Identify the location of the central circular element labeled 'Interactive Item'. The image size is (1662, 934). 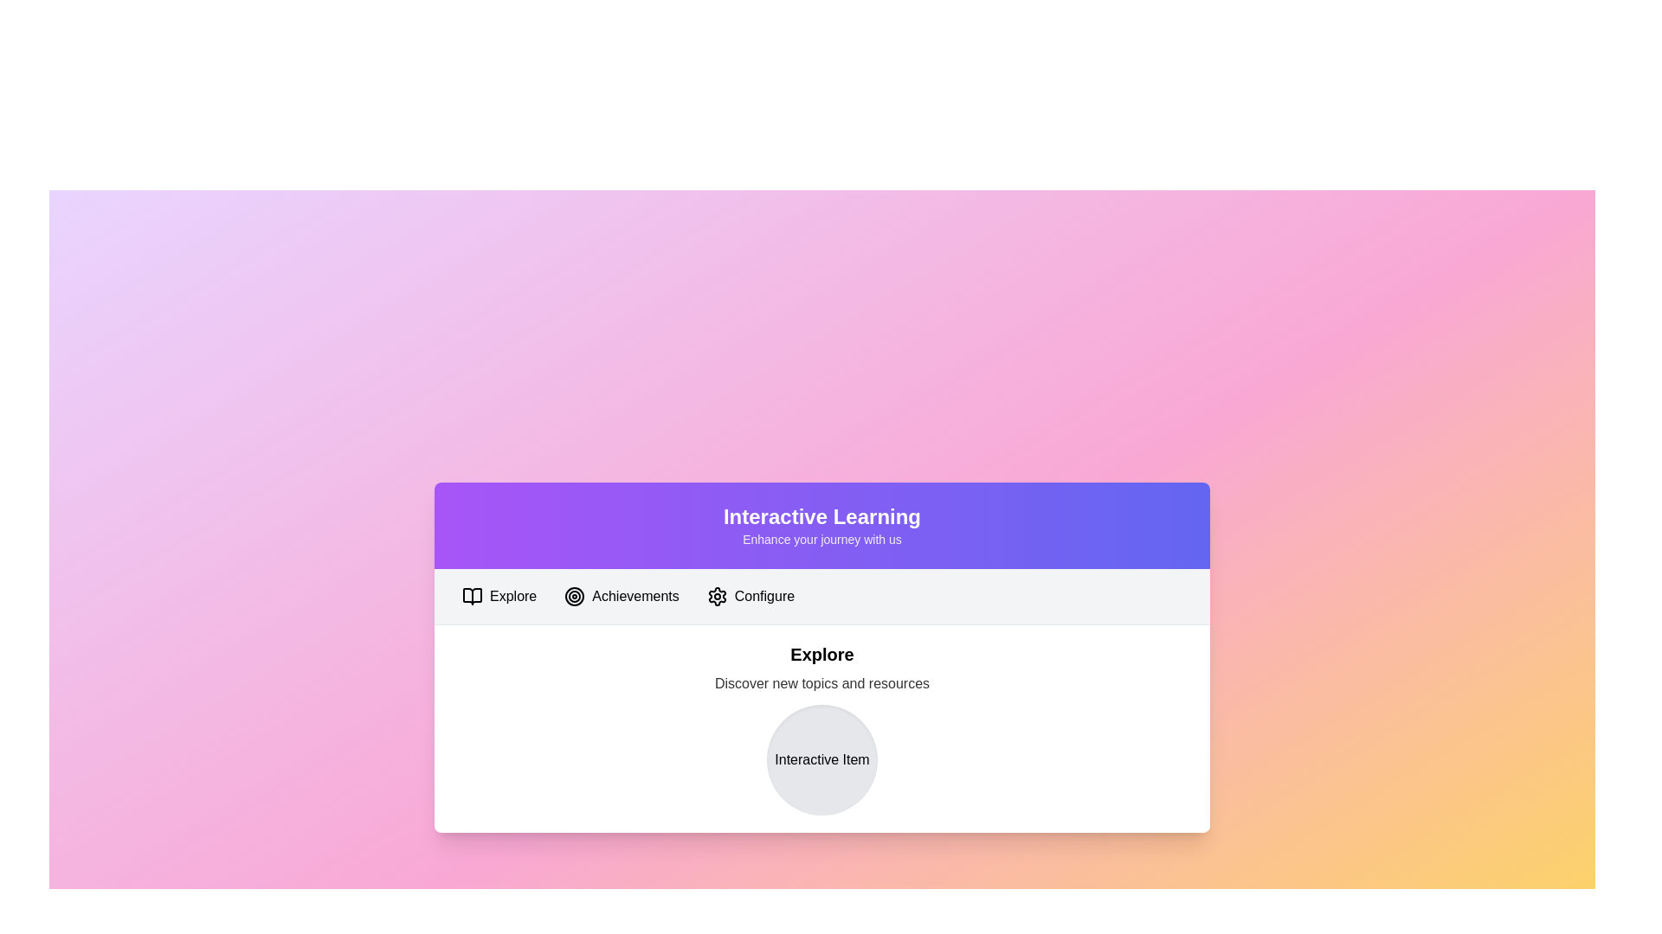
(821, 758).